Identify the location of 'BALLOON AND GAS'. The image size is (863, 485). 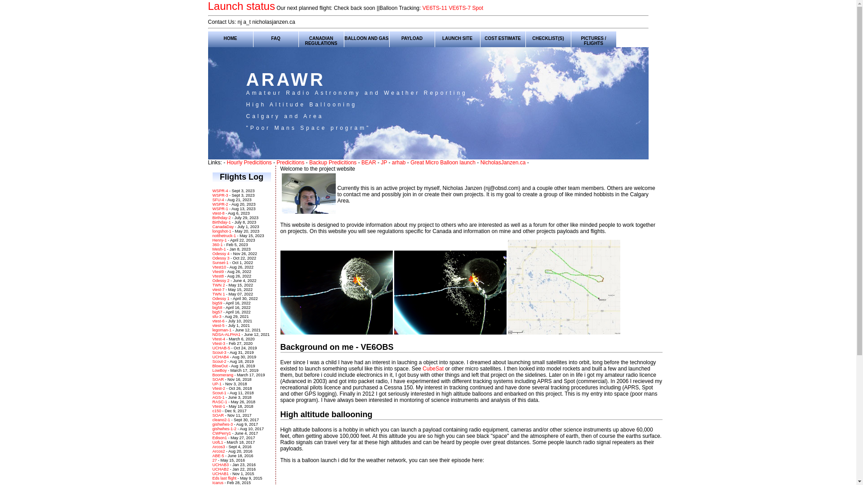
(367, 37).